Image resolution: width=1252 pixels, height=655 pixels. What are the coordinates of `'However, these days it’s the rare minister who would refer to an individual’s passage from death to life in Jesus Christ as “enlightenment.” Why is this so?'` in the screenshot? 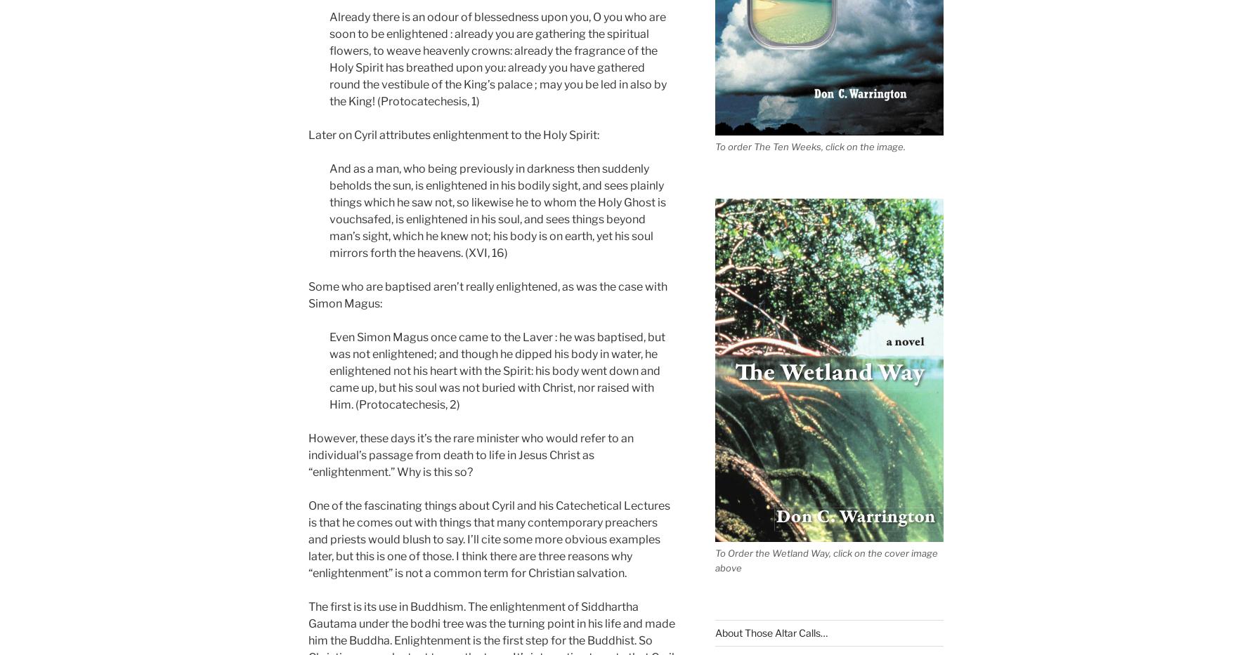 It's located at (470, 454).